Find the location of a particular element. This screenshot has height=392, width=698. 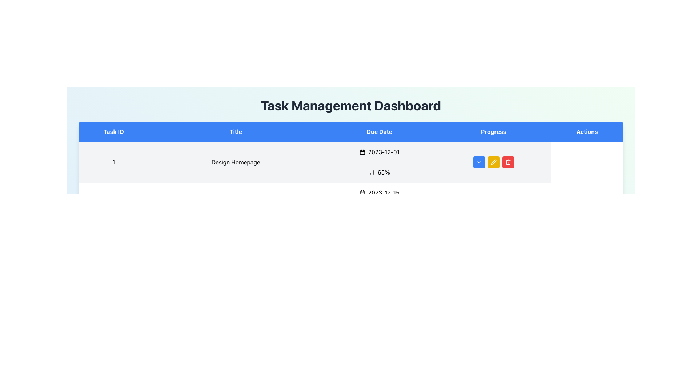

the small blue button with a white chevron-down icon located in the 'Actions' column of the first row of the task table is located at coordinates (479, 162).